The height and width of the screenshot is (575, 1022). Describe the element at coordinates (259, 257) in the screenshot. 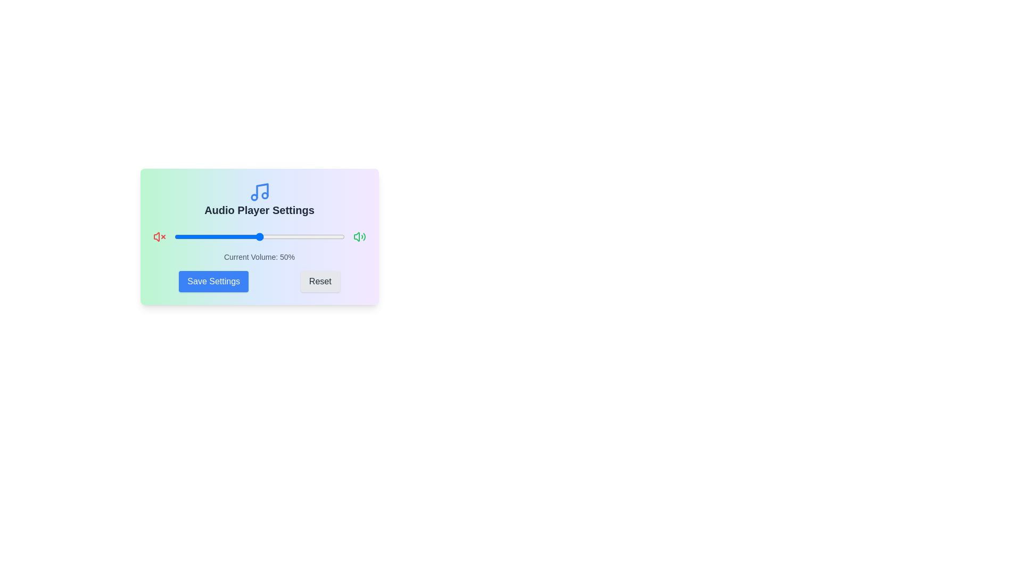

I see `the Static Text Label displaying the current volume level of 50% in the 'Audio Player Settings' interface, located beneath the volume slider` at that location.